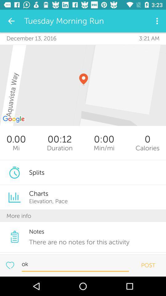 This screenshot has width=166, height=296. I want to click on the favorite icon, so click(10, 265).